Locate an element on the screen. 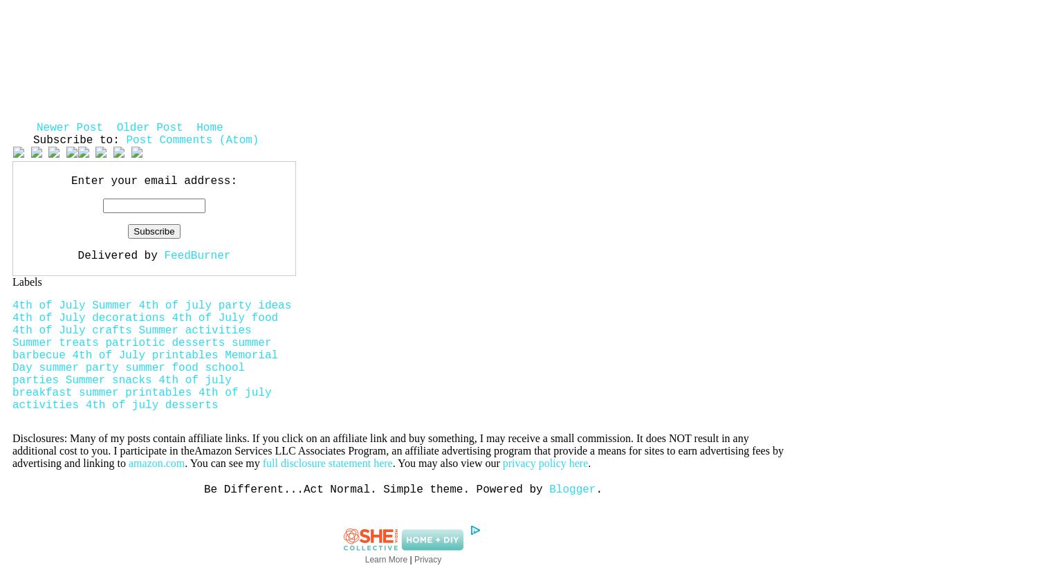 This screenshot has height=577, width=1050. 'summer food' is located at coordinates (161, 367).